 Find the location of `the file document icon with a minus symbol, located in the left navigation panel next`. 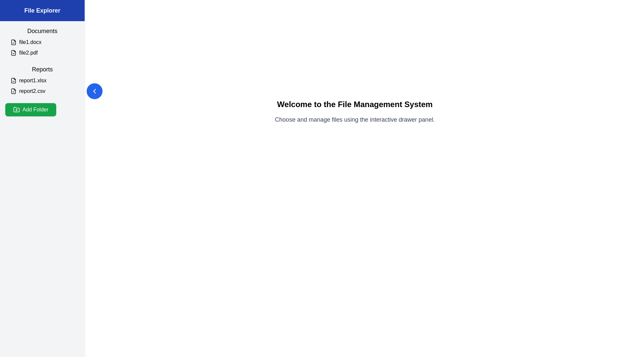

the file document icon with a minus symbol, located in the left navigation panel next is located at coordinates (14, 42).